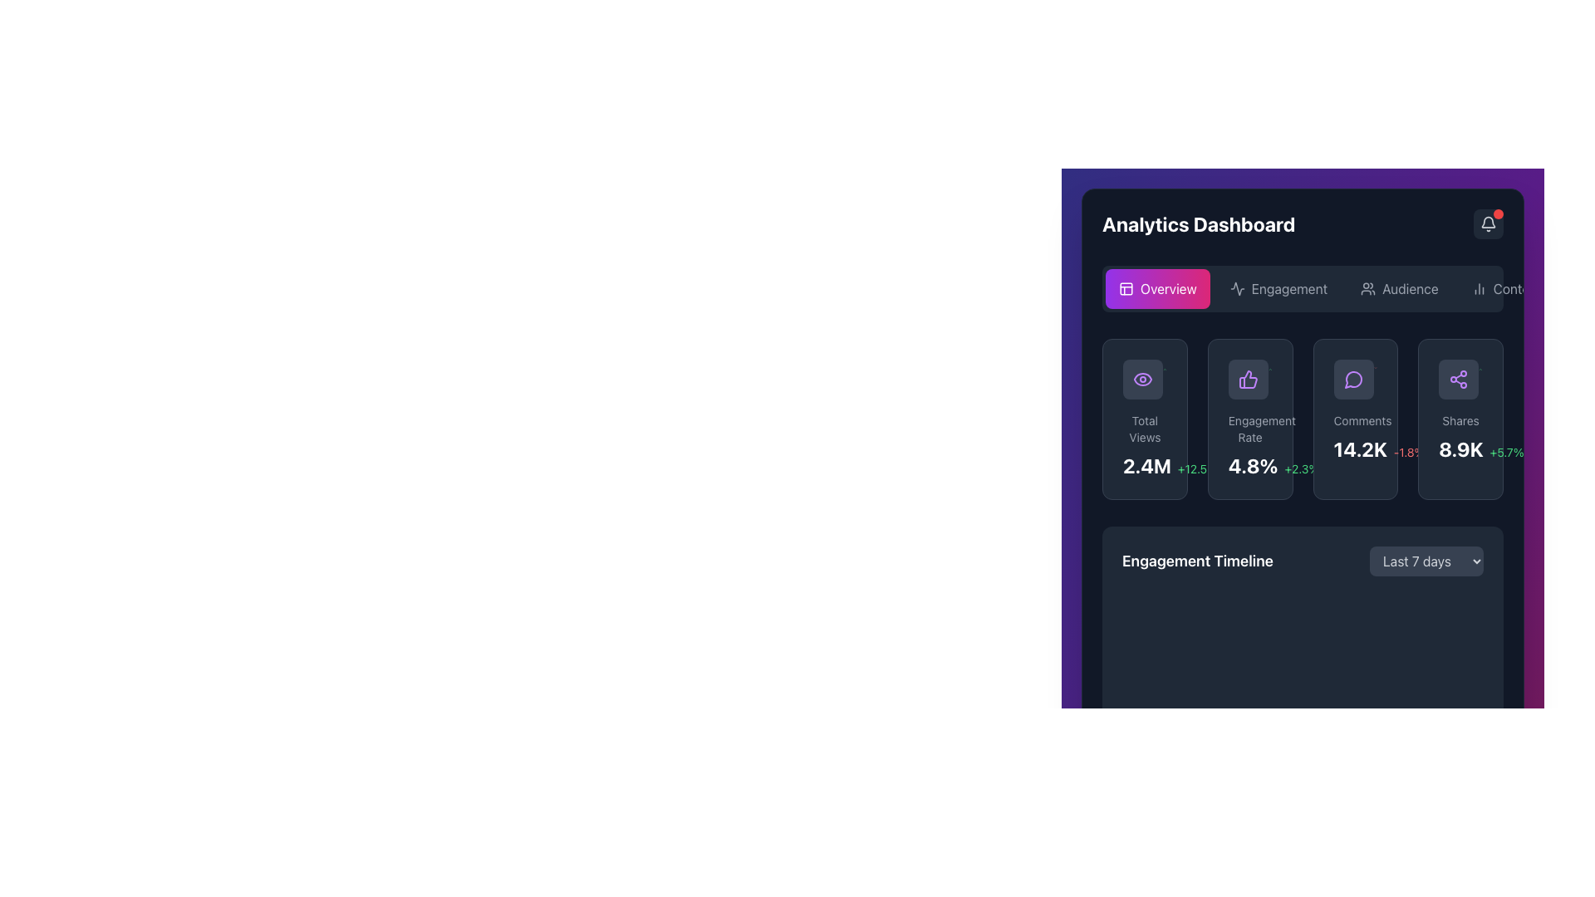 Image resolution: width=1595 pixels, height=897 pixels. I want to click on the graphical icon component representing a message bubble in the comments section of the dashboard, so click(1352, 380).